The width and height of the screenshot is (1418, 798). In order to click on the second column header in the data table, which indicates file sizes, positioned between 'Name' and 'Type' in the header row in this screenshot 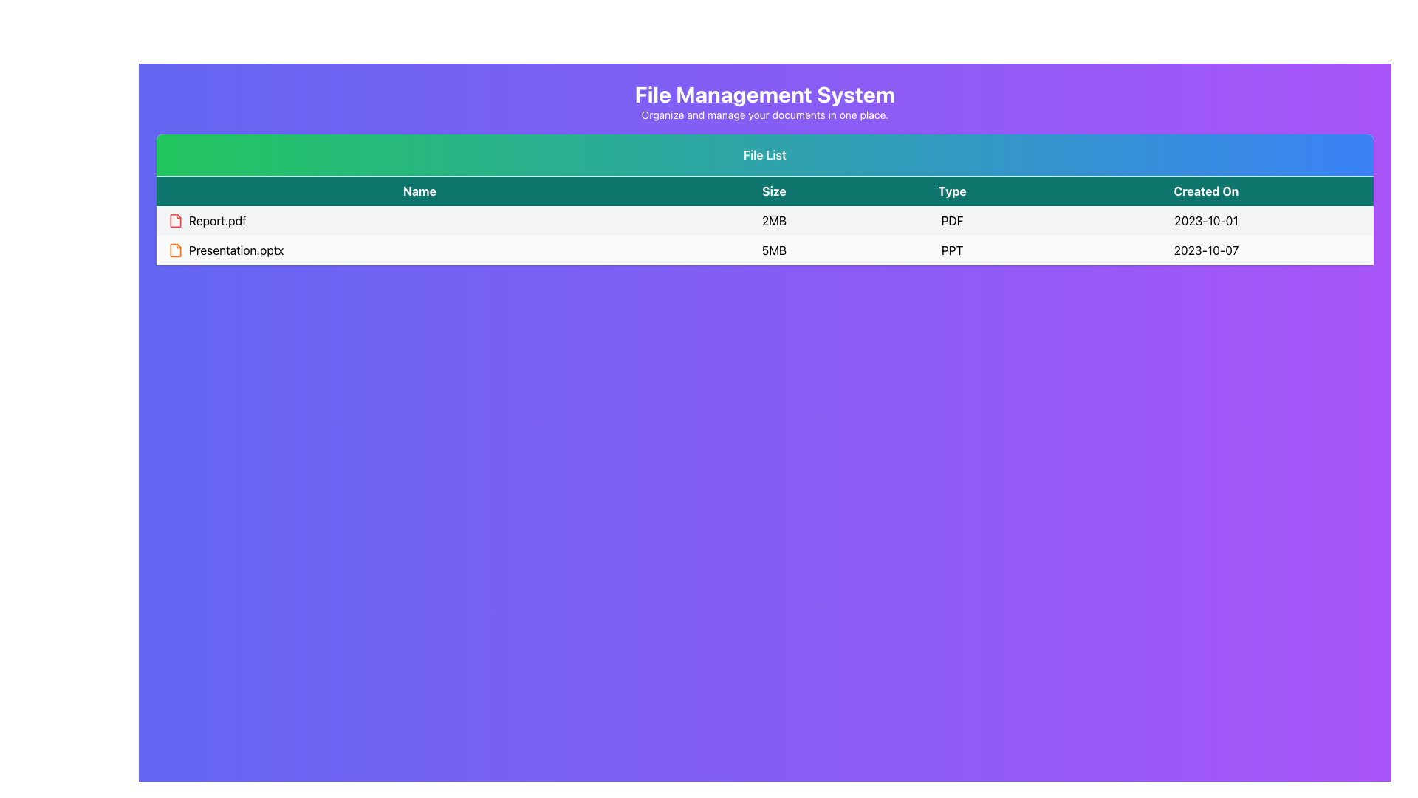, I will do `click(773, 190)`.